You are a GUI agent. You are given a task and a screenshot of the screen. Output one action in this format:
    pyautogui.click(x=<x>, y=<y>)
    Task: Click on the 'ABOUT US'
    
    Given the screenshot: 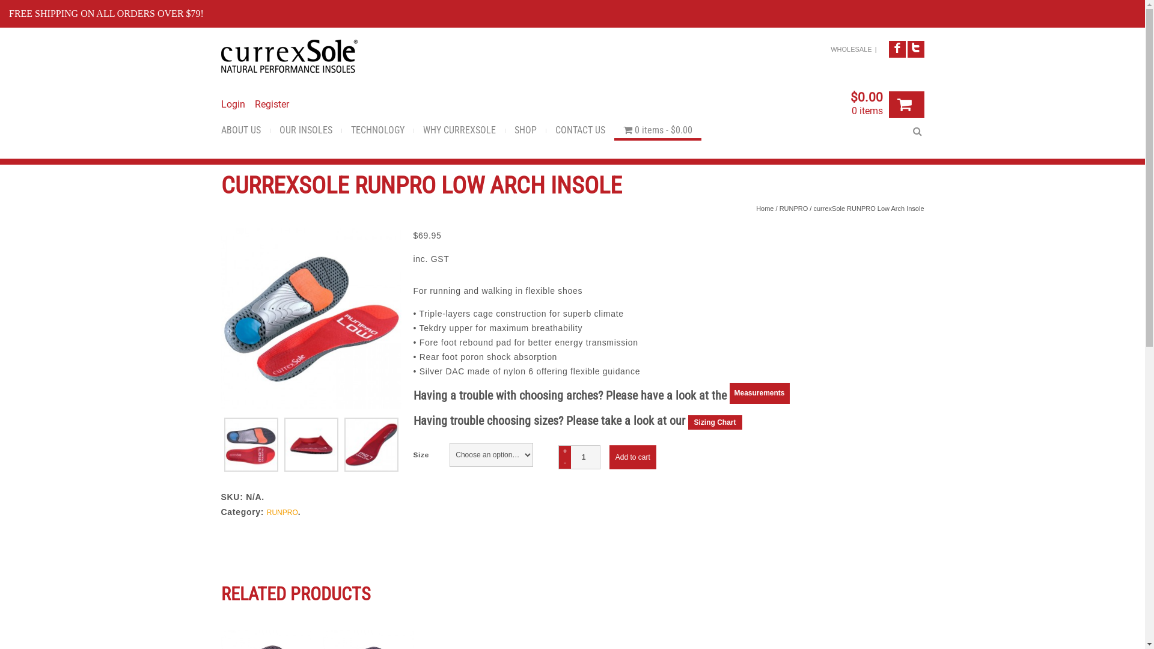 What is the action you would take?
    pyautogui.click(x=245, y=132)
    